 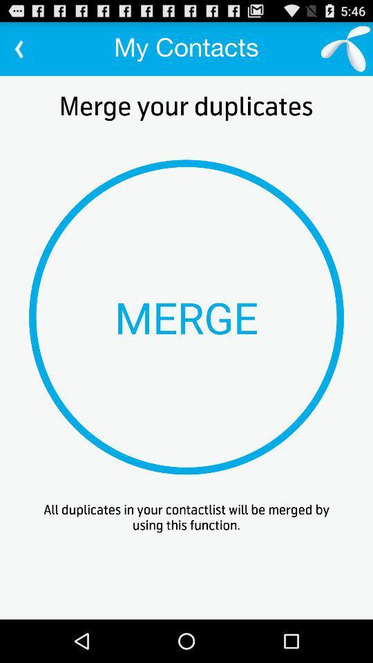 What do you see at coordinates (186, 317) in the screenshot?
I see `merge duplicate entries in your contact list` at bounding box center [186, 317].